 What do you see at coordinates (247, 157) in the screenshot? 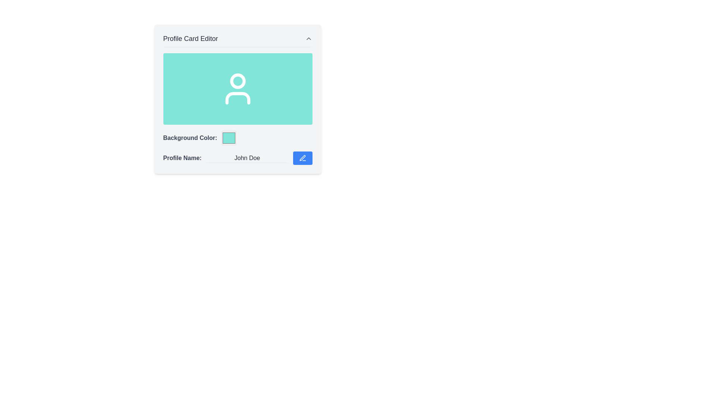
I see `the static text 'John Doe', which is styled to indicate potential interactivity, to invoke the edit mode` at bounding box center [247, 157].